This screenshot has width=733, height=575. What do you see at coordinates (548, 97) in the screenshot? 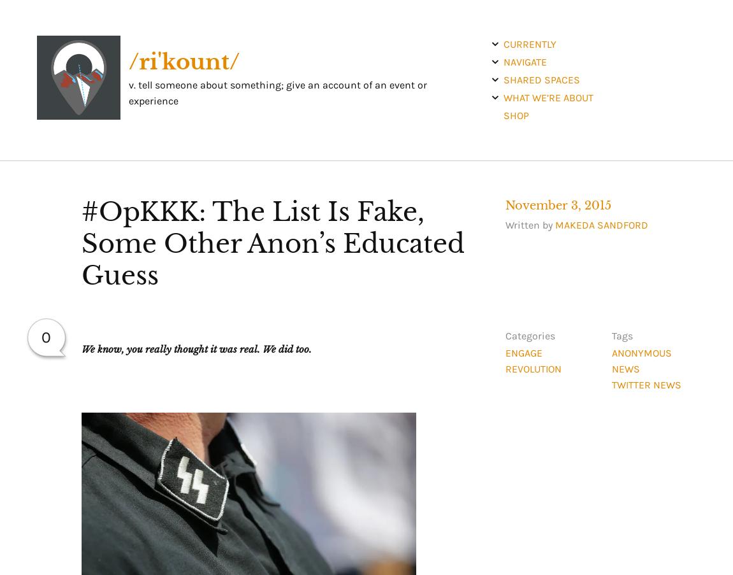
I see `'what we’re about'` at bounding box center [548, 97].